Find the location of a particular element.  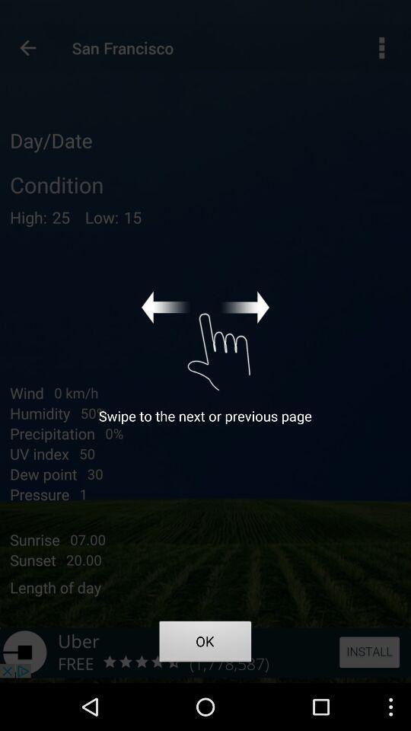

item at the bottom is located at coordinates (205, 643).